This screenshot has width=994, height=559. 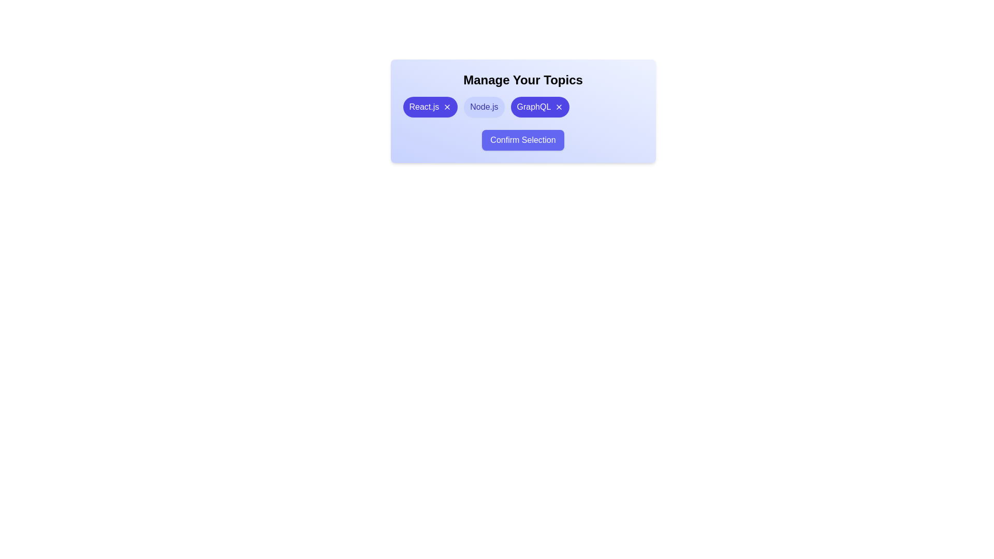 What do you see at coordinates (539, 107) in the screenshot?
I see `the chip labeled GraphQL` at bounding box center [539, 107].